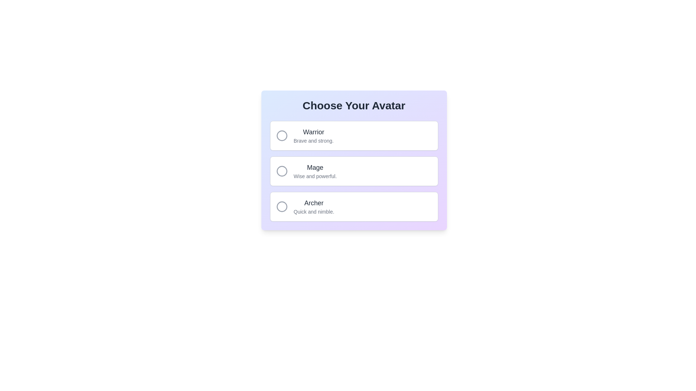 The image size is (696, 391). Describe the element at coordinates (354, 106) in the screenshot. I see `the text label that says 'Choose Your Avatar', which is prominently styled and located at the top center of the gradient background panel` at that location.